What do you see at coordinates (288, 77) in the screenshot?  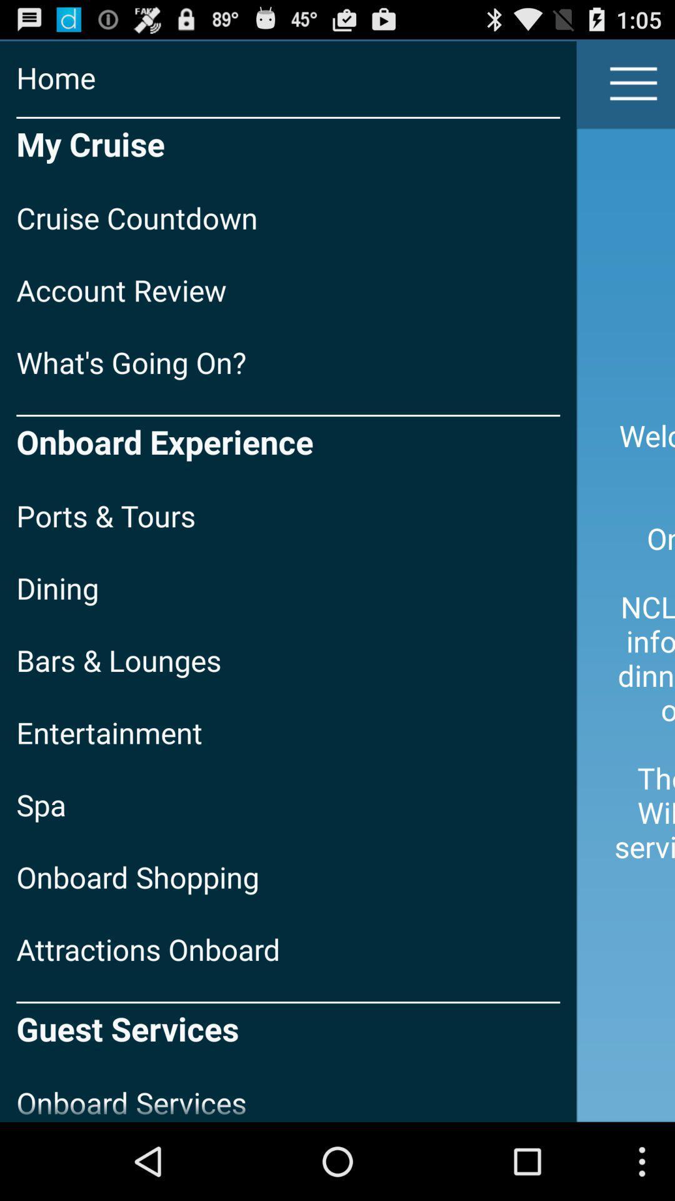 I see `home` at bounding box center [288, 77].